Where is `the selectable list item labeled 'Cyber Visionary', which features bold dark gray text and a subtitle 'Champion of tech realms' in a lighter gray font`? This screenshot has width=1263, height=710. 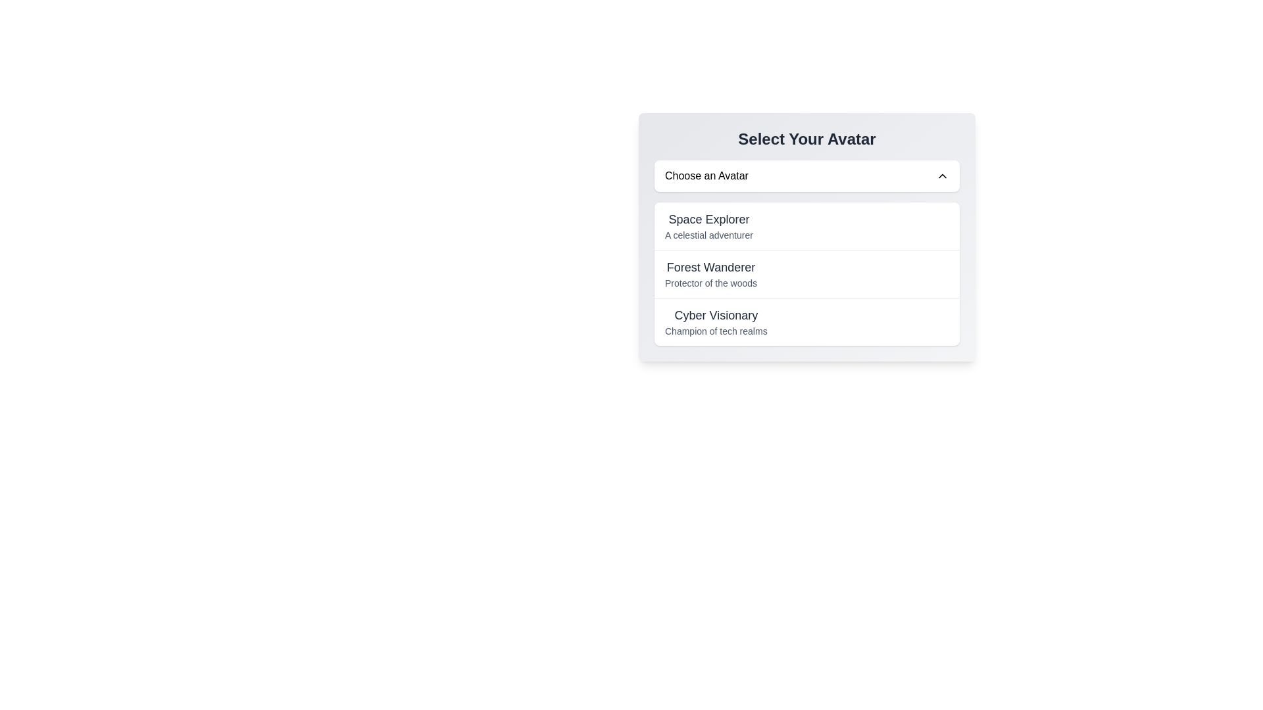
the selectable list item labeled 'Cyber Visionary', which features bold dark gray text and a subtitle 'Champion of tech realms' in a lighter gray font is located at coordinates (715, 321).